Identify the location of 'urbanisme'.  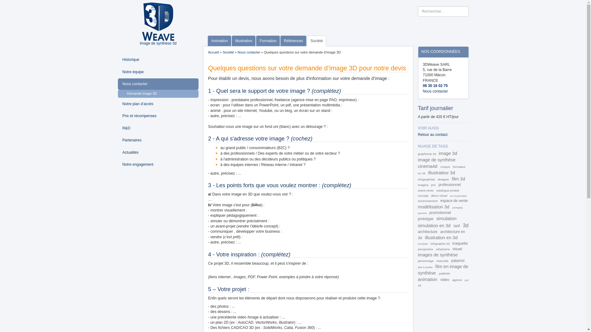
(443, 249).